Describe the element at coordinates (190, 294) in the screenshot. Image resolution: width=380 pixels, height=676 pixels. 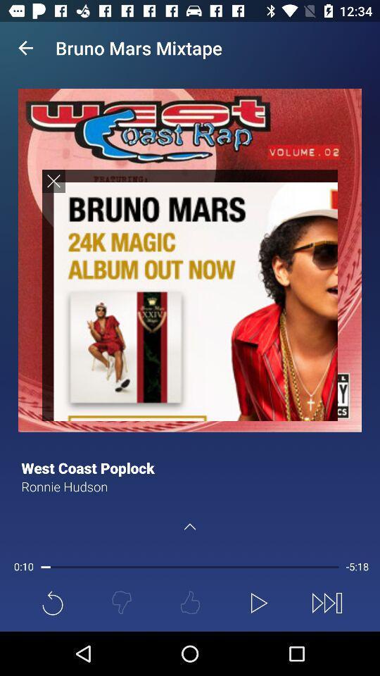
I see `sereen page` at that location.